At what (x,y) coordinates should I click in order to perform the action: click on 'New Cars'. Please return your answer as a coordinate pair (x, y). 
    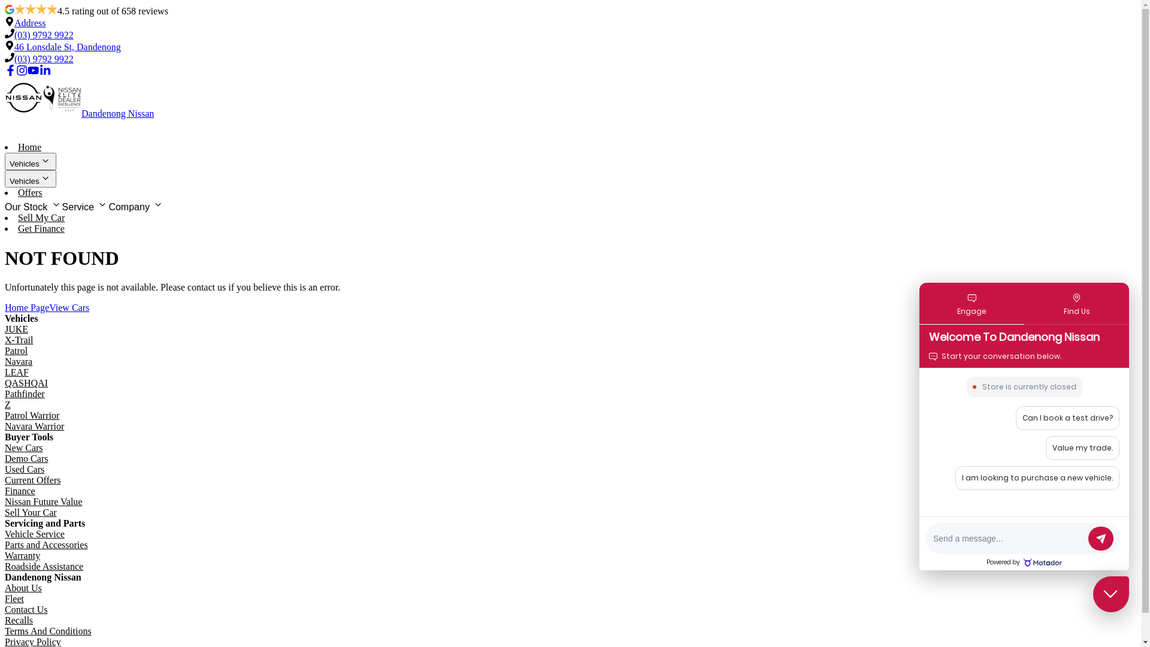
    Looking at the image, I should click on (23, 448).